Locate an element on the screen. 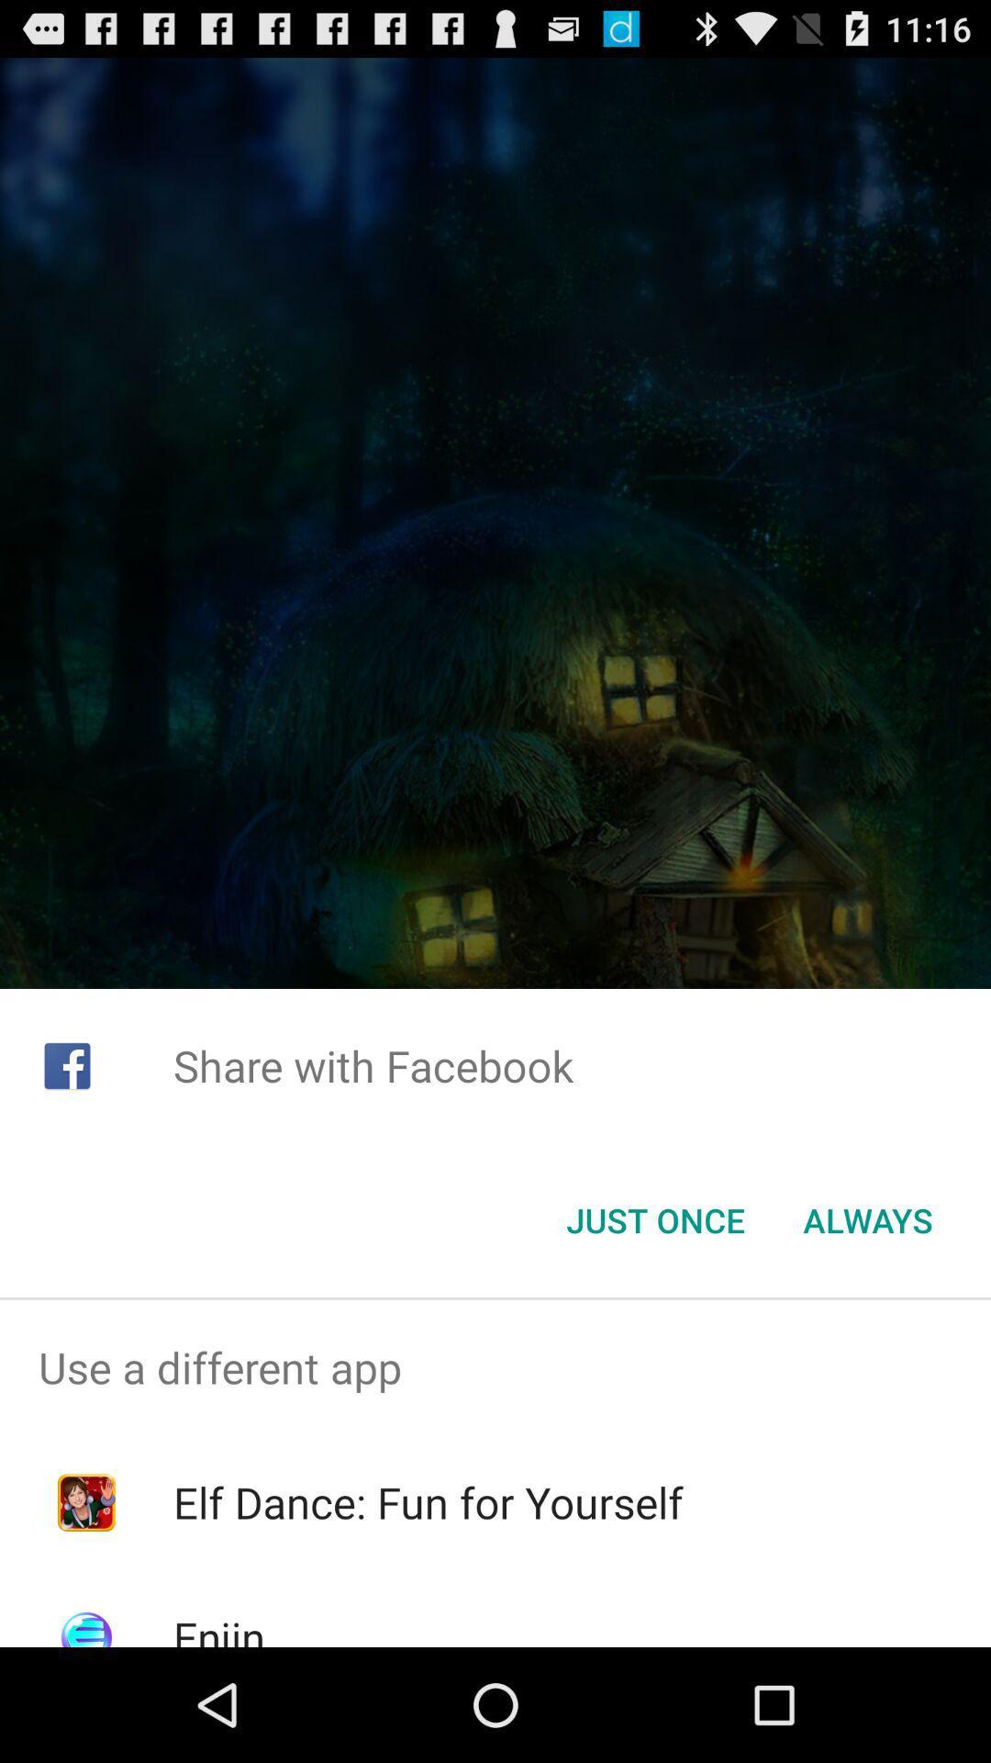 The height and width of the screenshot is (1763, 991). the icon to the left of always item is located at coordinates (654, 1220).